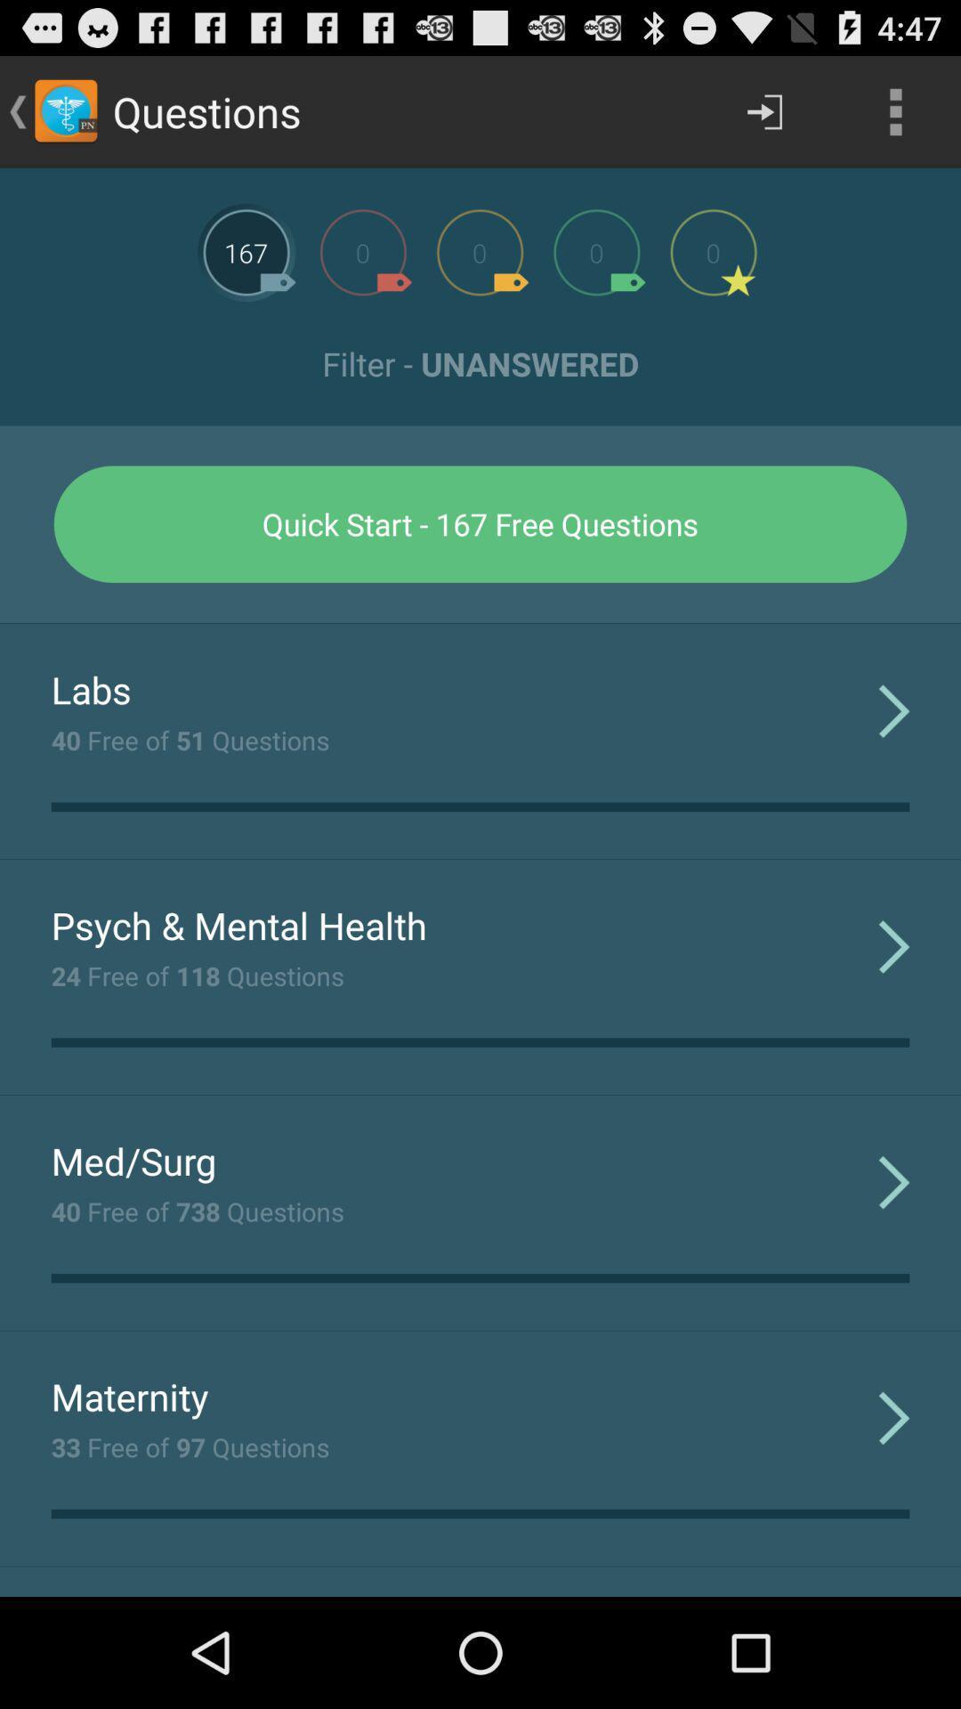 The image size is (961, 1709). What do you see at coordinates (480, 623) in the screenshot?
I see `the icon above labs` at bounding box center [480, 623].